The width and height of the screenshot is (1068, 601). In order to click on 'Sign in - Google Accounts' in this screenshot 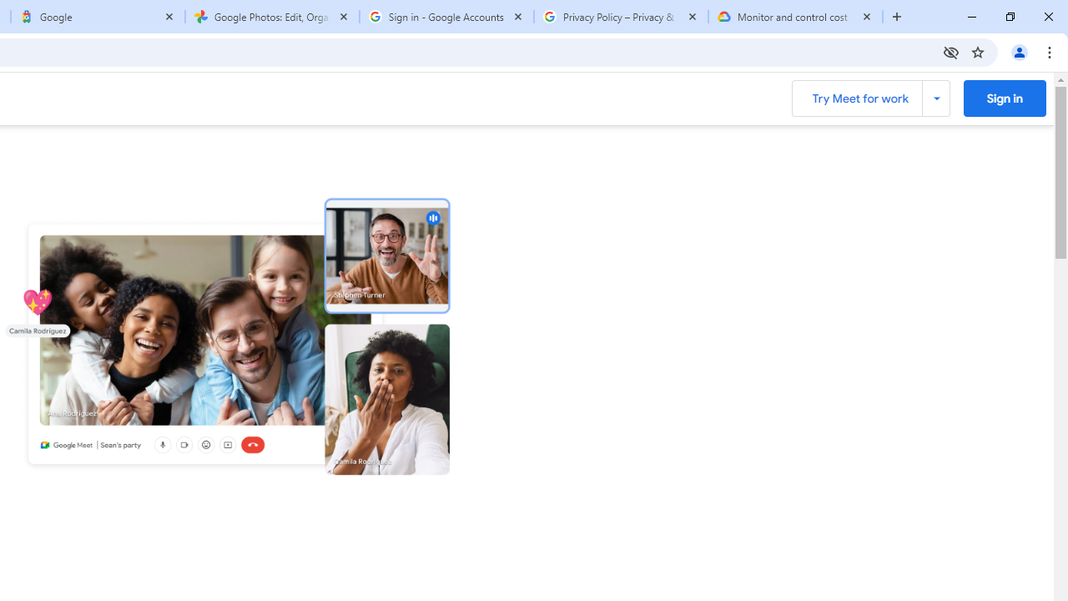, I will do `click(446, 17)`.